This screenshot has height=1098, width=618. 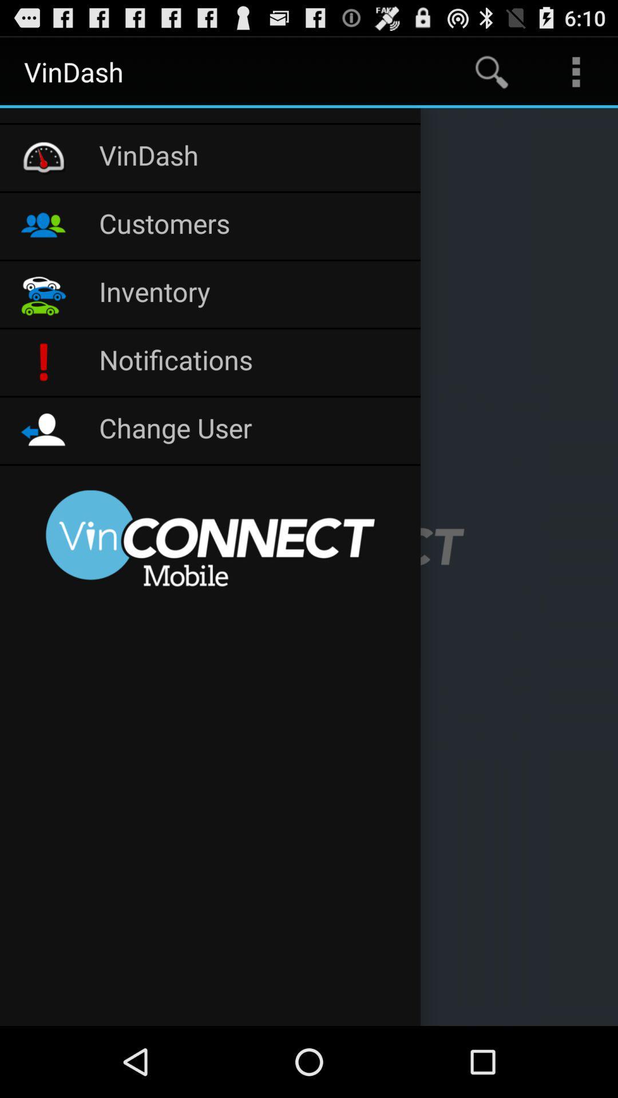 What do you see at coordinates (253, 226) in the screenshot?
I see `icon above inventory item` at bounding box center [253, 226].